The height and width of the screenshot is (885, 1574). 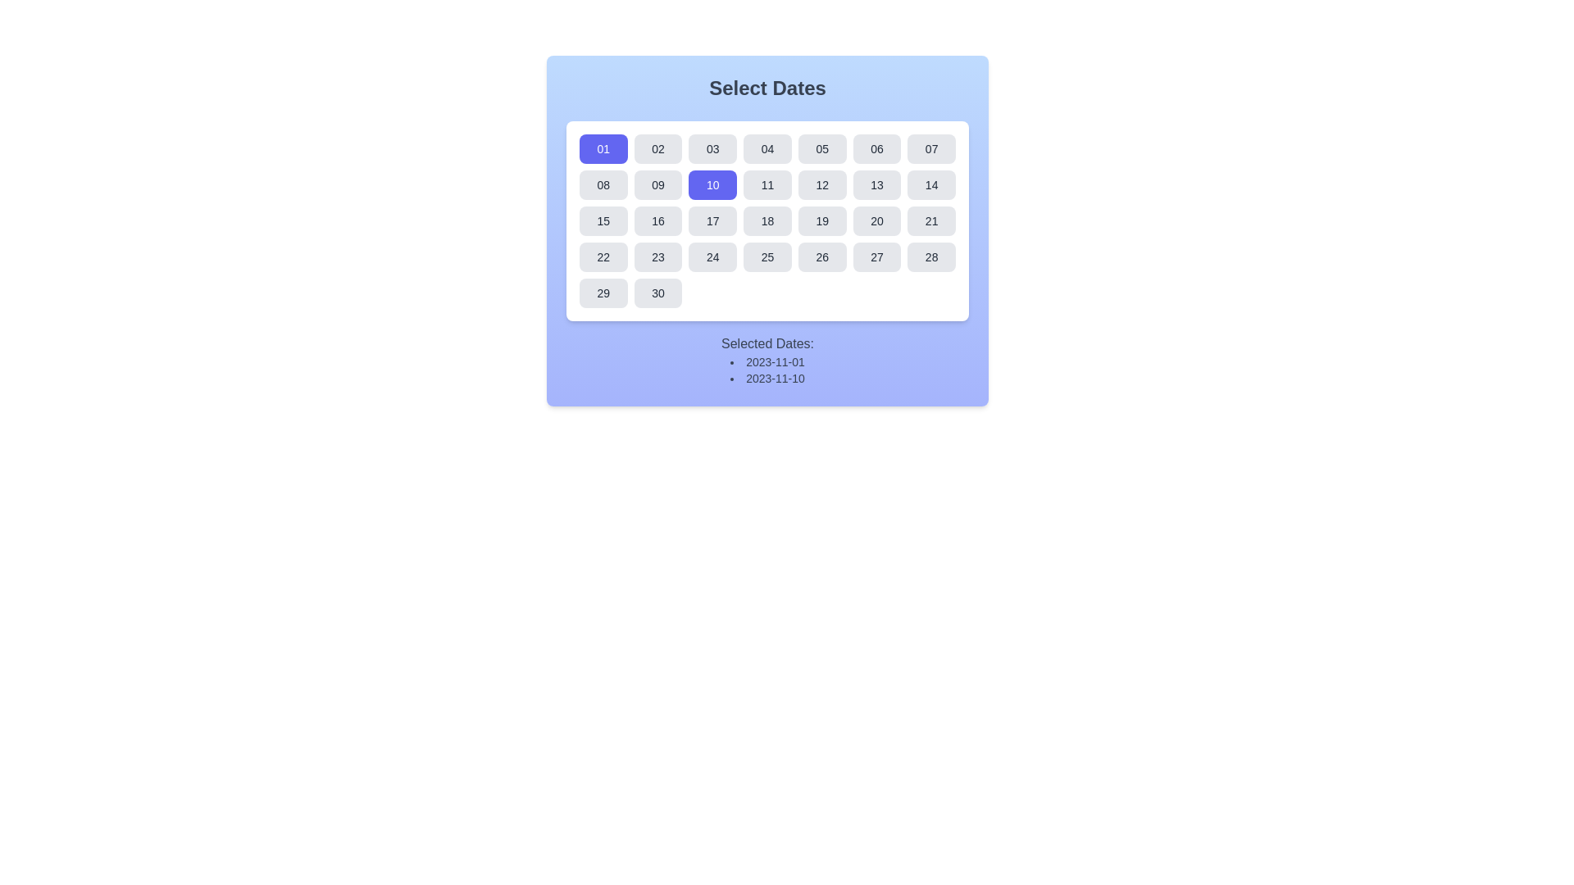 I want to click on the button labeled '07', so click(x=931, y=148).